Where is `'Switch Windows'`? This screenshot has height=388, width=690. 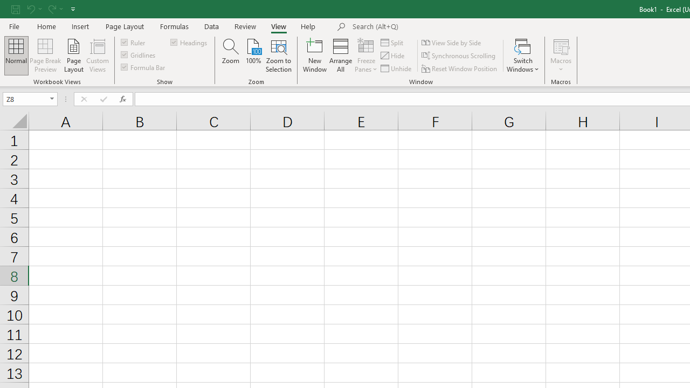 'Switch Windows' is located at coordinates (523, 56).